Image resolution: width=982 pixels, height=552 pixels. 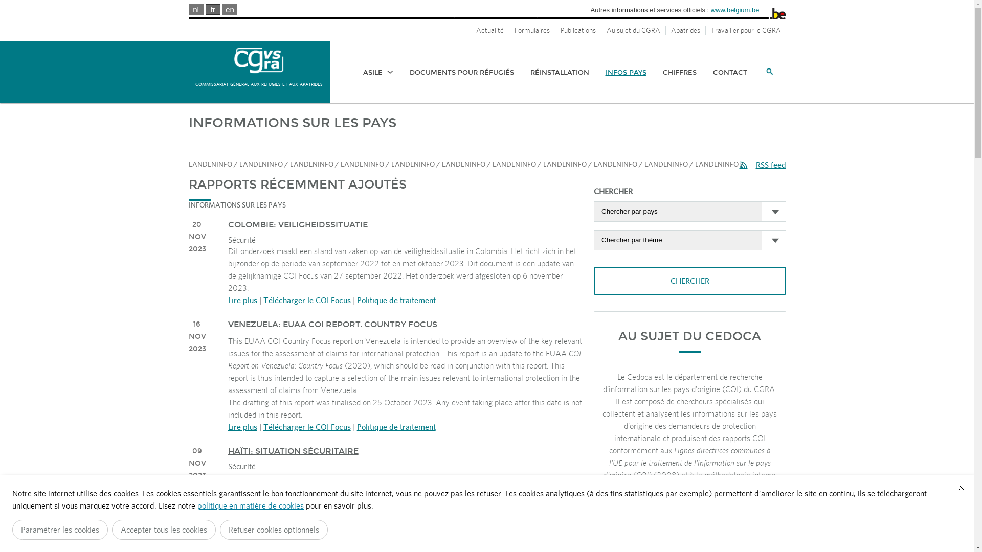 What do you see at coordinates (242, 299) in the screenshot?
I see `'Lire plus'` at bounding box center [242, 299].